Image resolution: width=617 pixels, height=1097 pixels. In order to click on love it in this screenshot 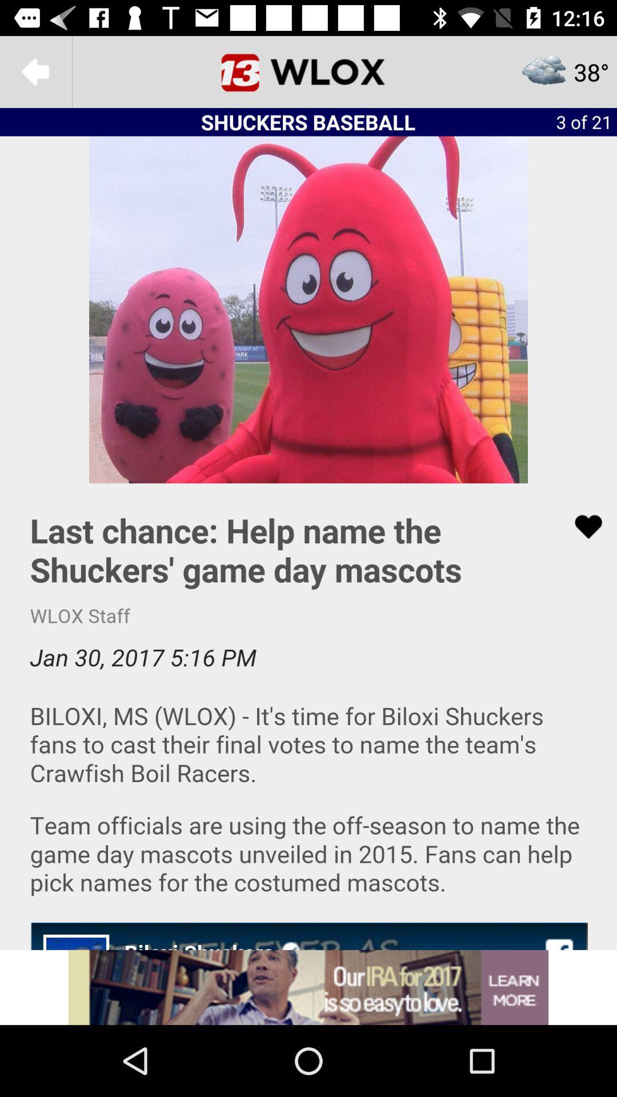, I will do `click(581, 526)`.